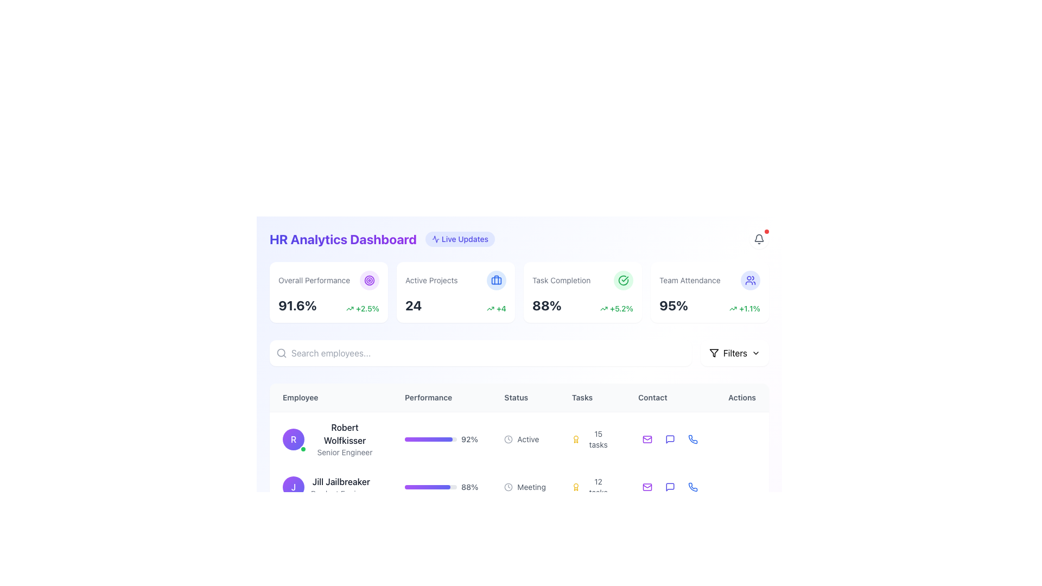 The image size is (1042, 586). I want to click on the live updates icon located on the top left of the interface next to the 'Live Updates' text, so click(435, 238).